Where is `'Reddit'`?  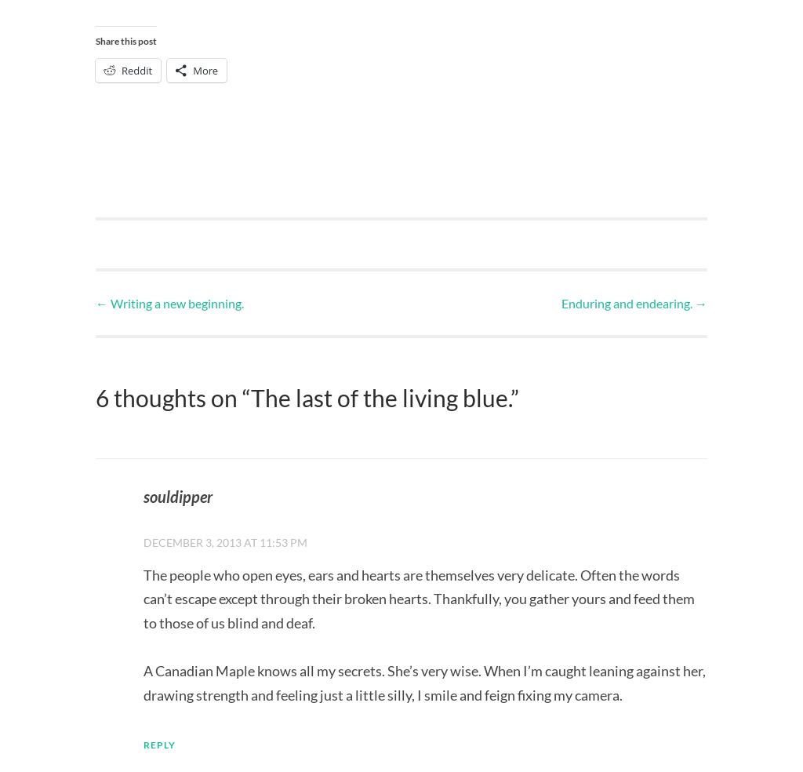 'Reddit' is located at coordinates (121, 68).